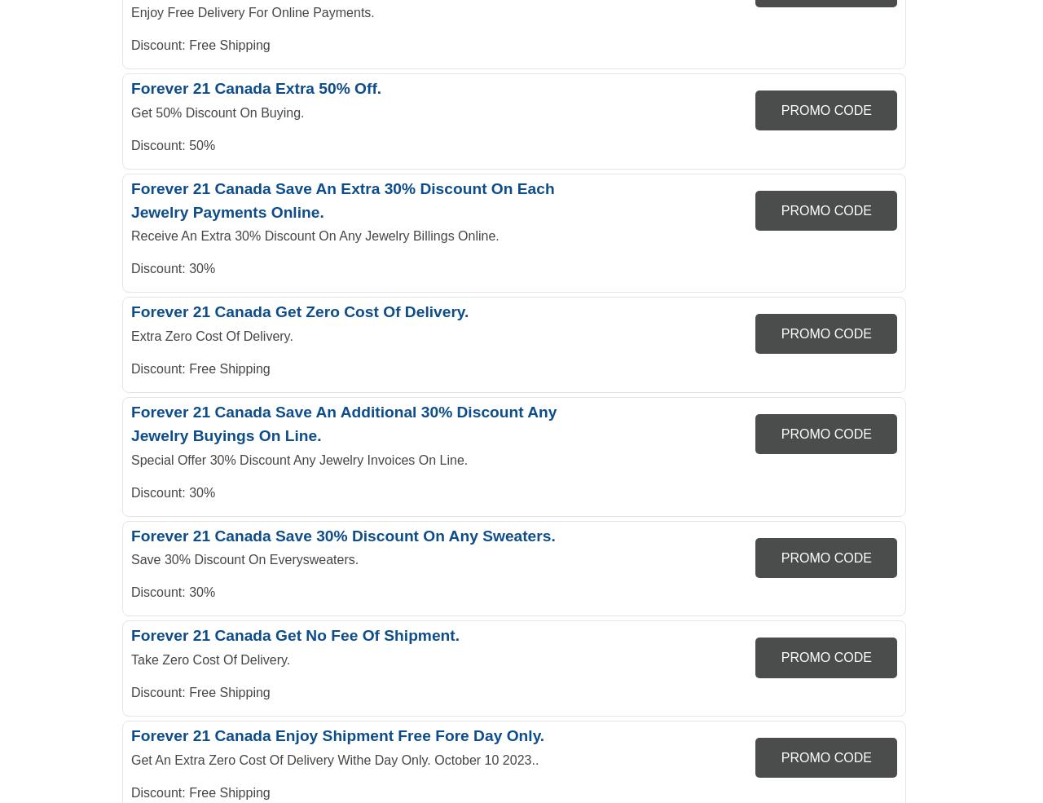  Describe the element at coordinates (210, 335) in the screenshot. I see `'Extra Zero Cost Of Delivery.'` at that location.